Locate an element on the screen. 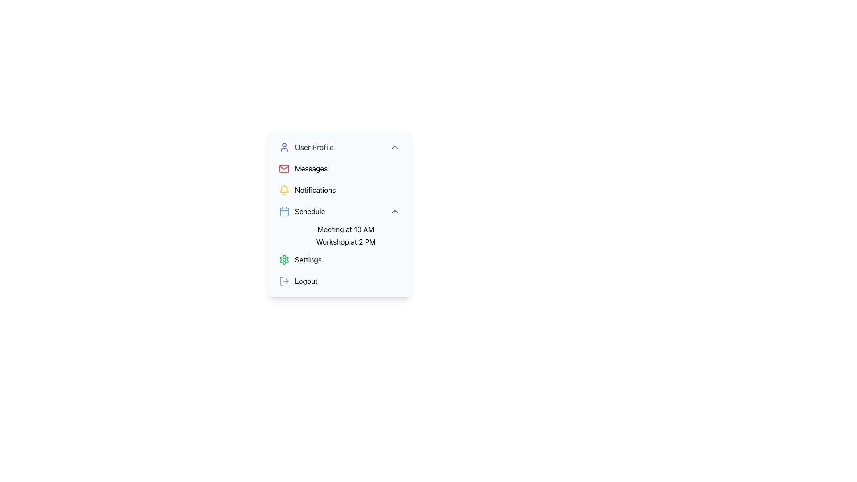  the Text block that displays the schedule or list of upcoming events or reminders, located below the 'Schedule' menu item and above the 'Settings' menu item in the vertical navigation menu is located at coordinates (339, 235).